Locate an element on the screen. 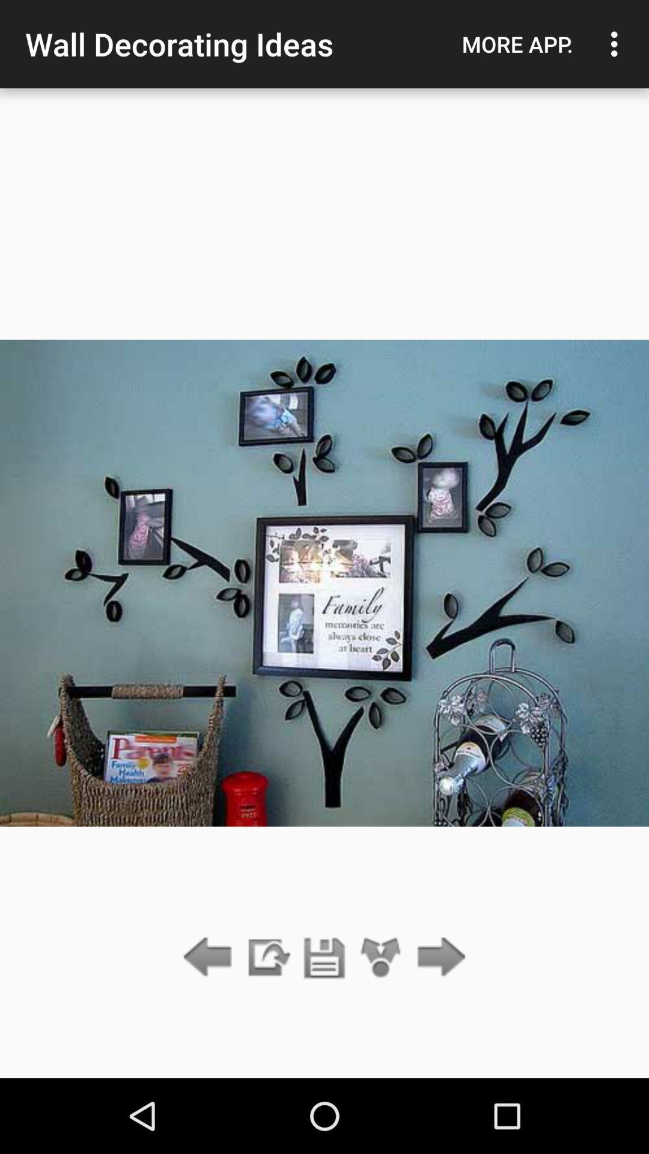  the save icon is located at coordinates (324, 957).